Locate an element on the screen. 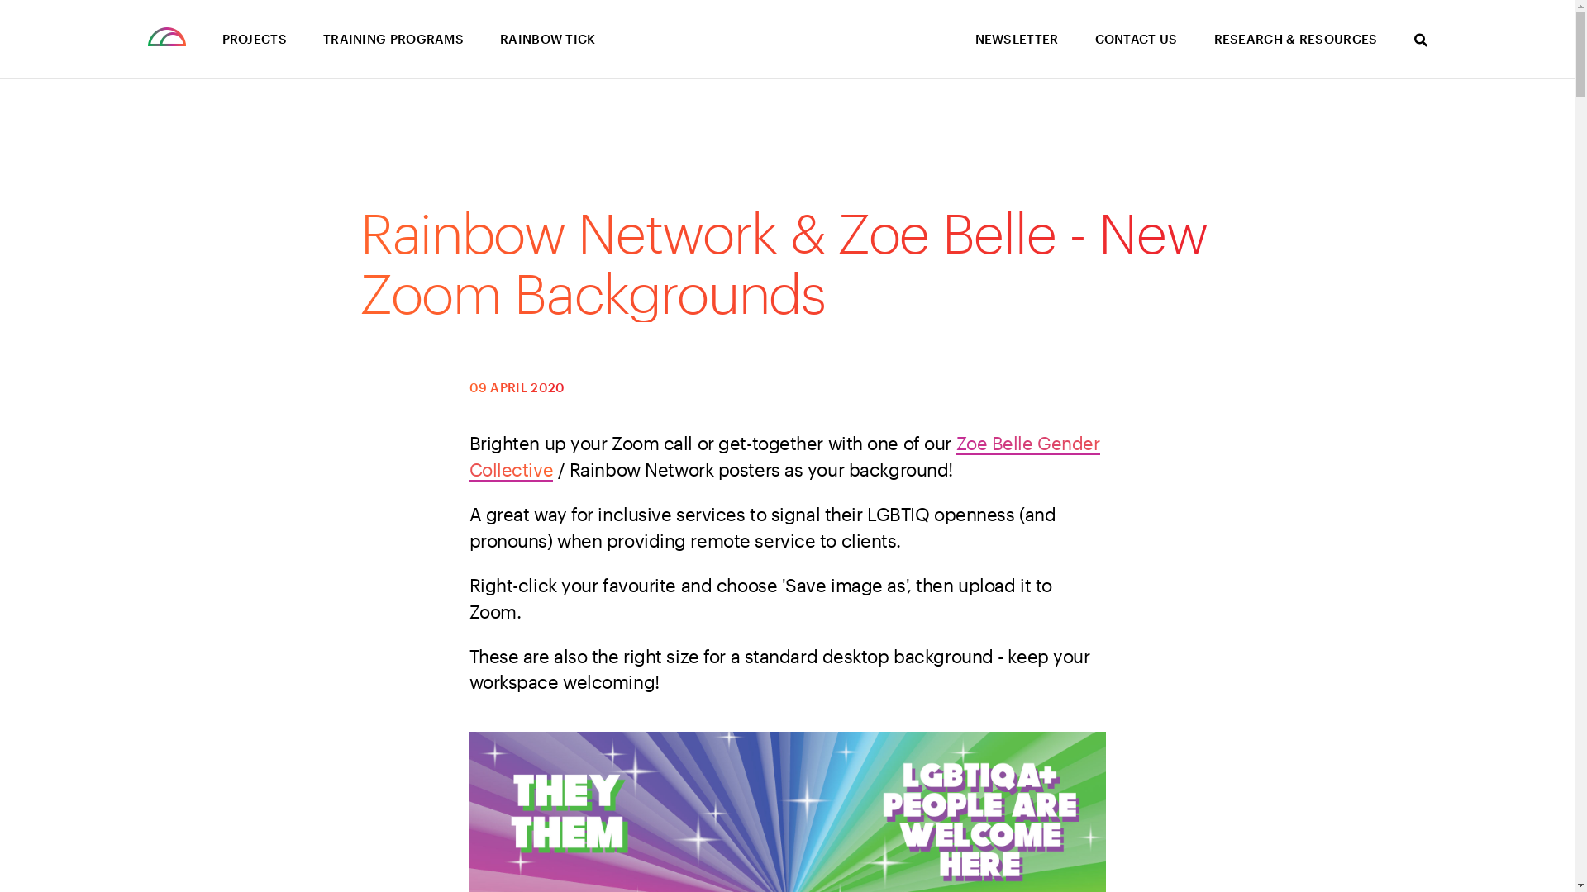 The width and height of the screenshot is (1587, 892). 'CONTACT US' is located at coordinates (1134, 38).